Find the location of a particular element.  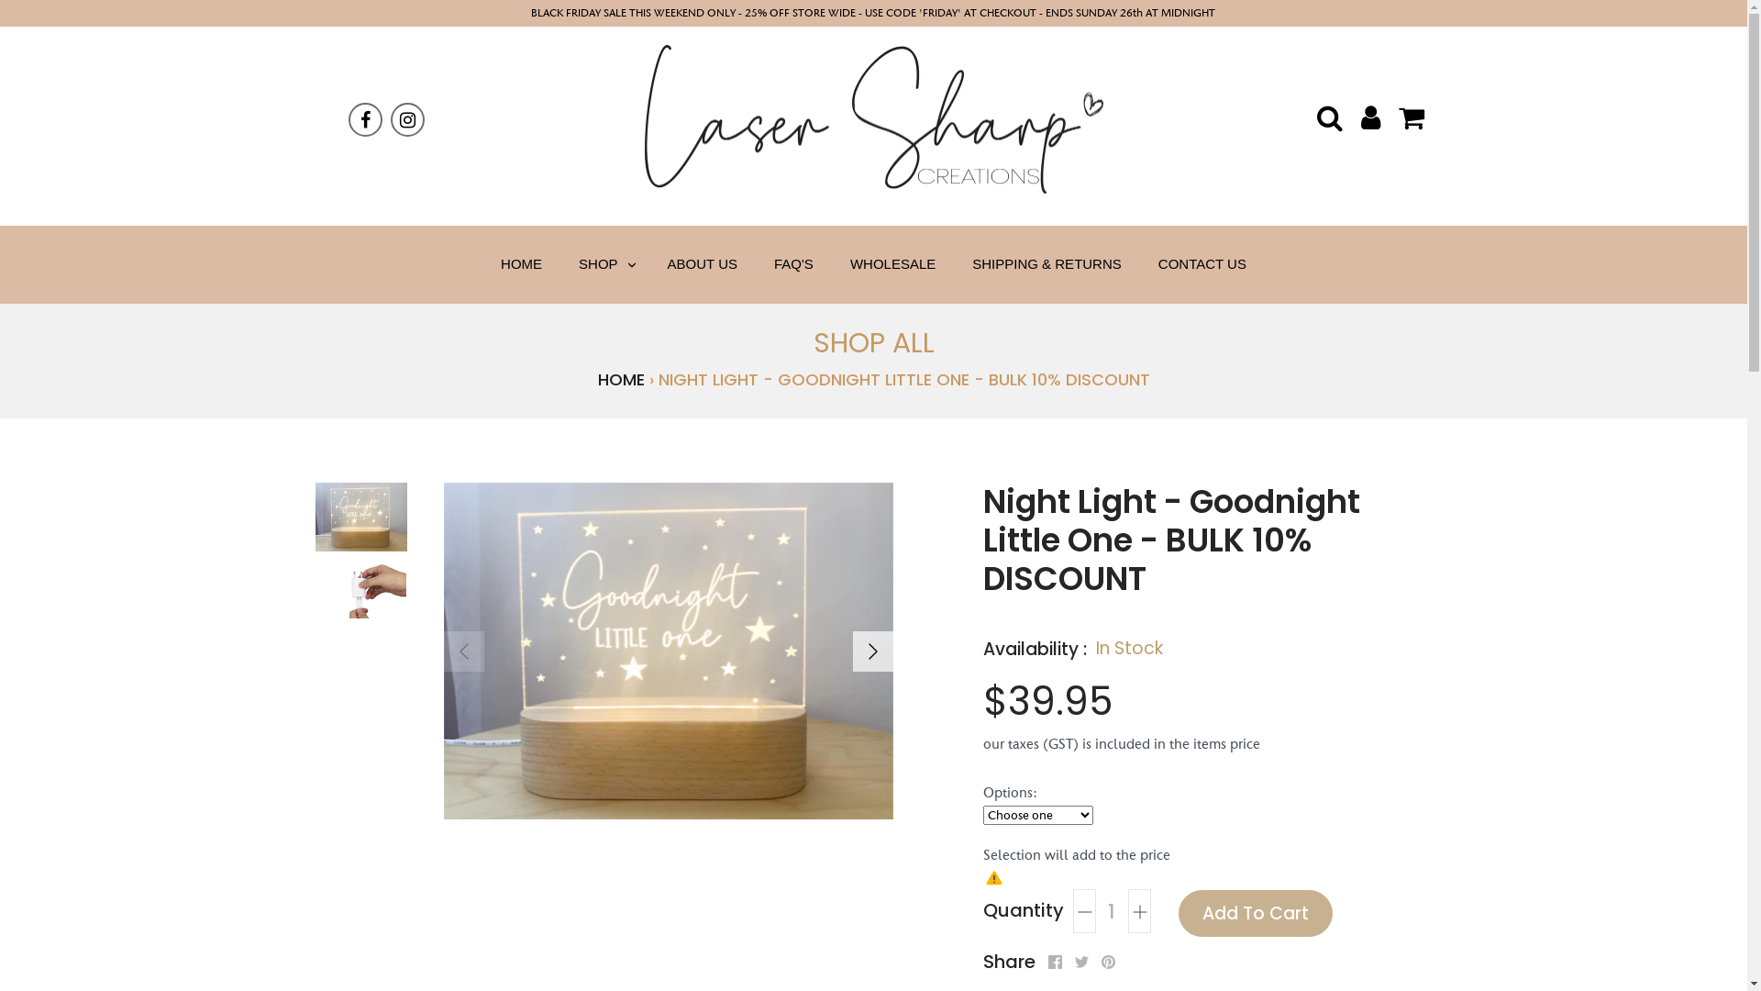

'WHOLESALE' is located at coordinates (892, 264).